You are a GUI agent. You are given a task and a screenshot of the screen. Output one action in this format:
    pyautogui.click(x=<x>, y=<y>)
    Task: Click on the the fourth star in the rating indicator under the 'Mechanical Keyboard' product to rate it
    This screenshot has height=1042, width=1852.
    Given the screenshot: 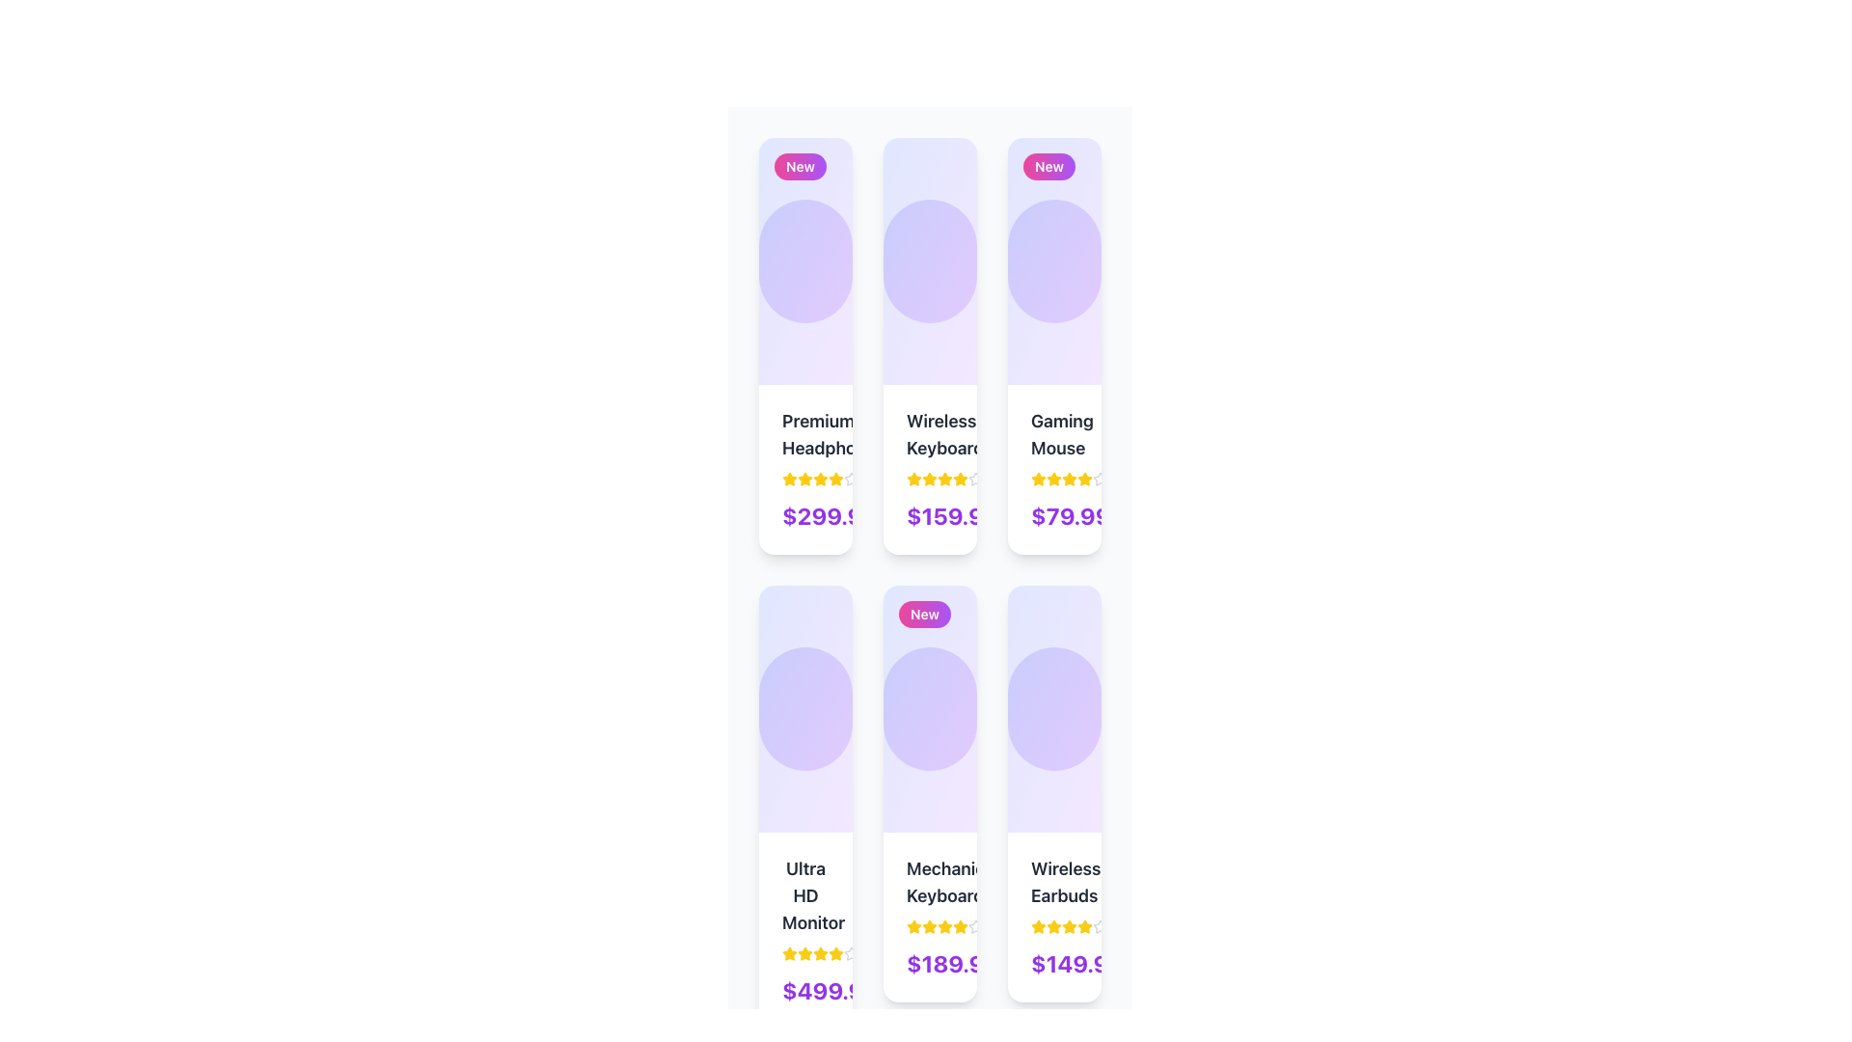 What is the action you would take?
    pyautogui.click(x=944, y=925)
    